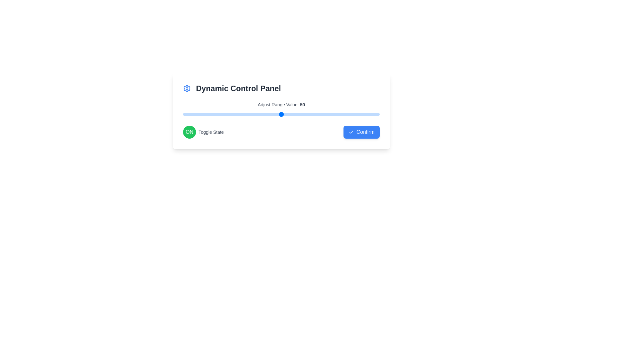 Image resolution: width=621 pixels, height=349 pixels. What do you see at coordinates (302, 104) in the screenshot?
I see `the Text label displaying the current value associated with the slider element, which shows 'Adjust Range Value: 50'` at bounding box center [302, 104].